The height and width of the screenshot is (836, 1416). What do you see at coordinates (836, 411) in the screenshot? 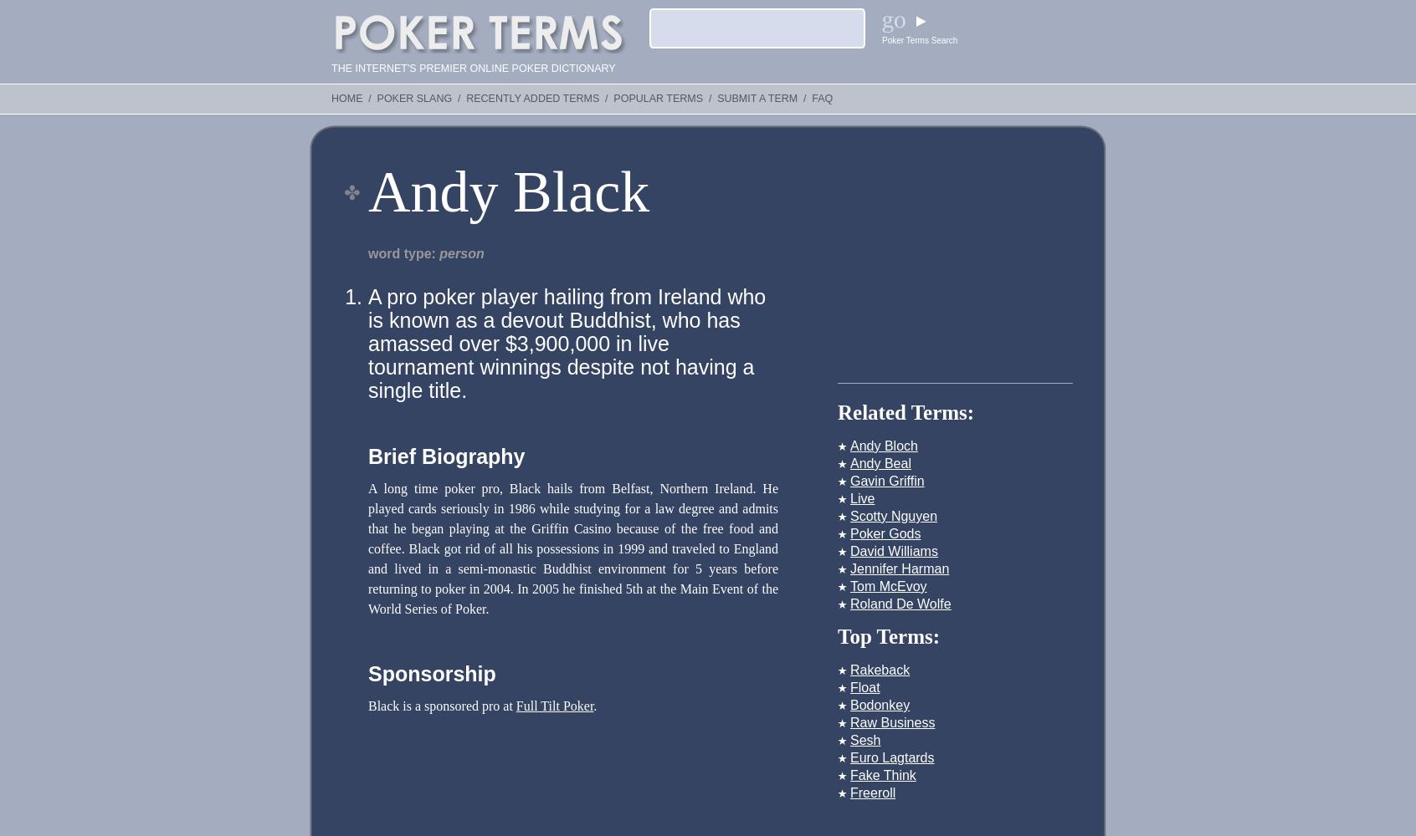
I see `'Related Terms:'` at bounding box center [836, 411].